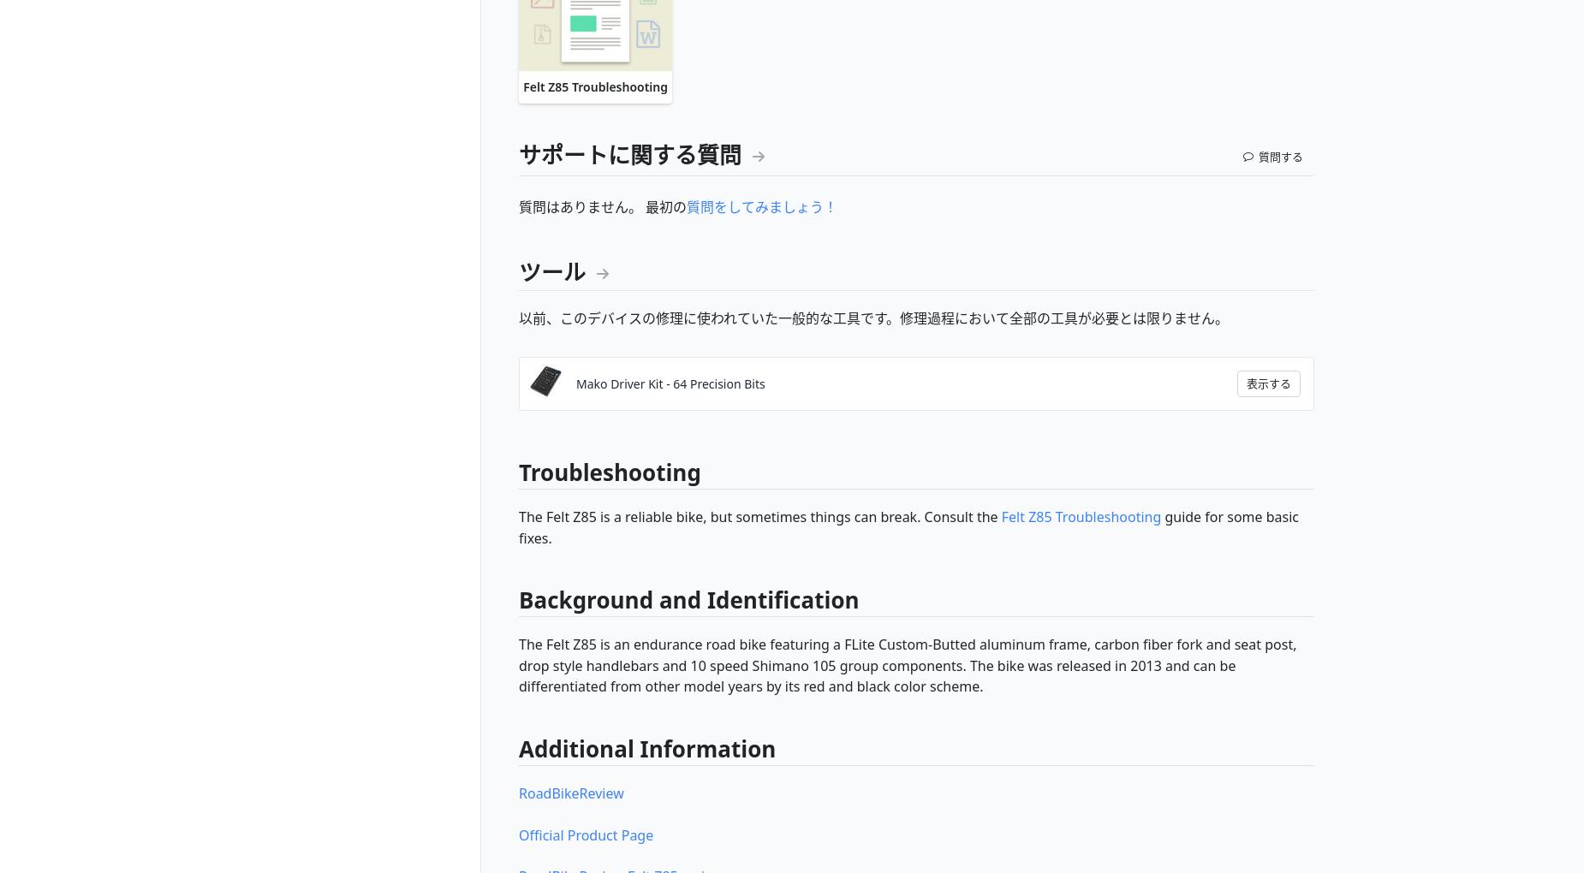  What do you see at coordinates (688, 599) in the screenshot?
I see `'Background and Identification'` at bounding box center [688, 599].